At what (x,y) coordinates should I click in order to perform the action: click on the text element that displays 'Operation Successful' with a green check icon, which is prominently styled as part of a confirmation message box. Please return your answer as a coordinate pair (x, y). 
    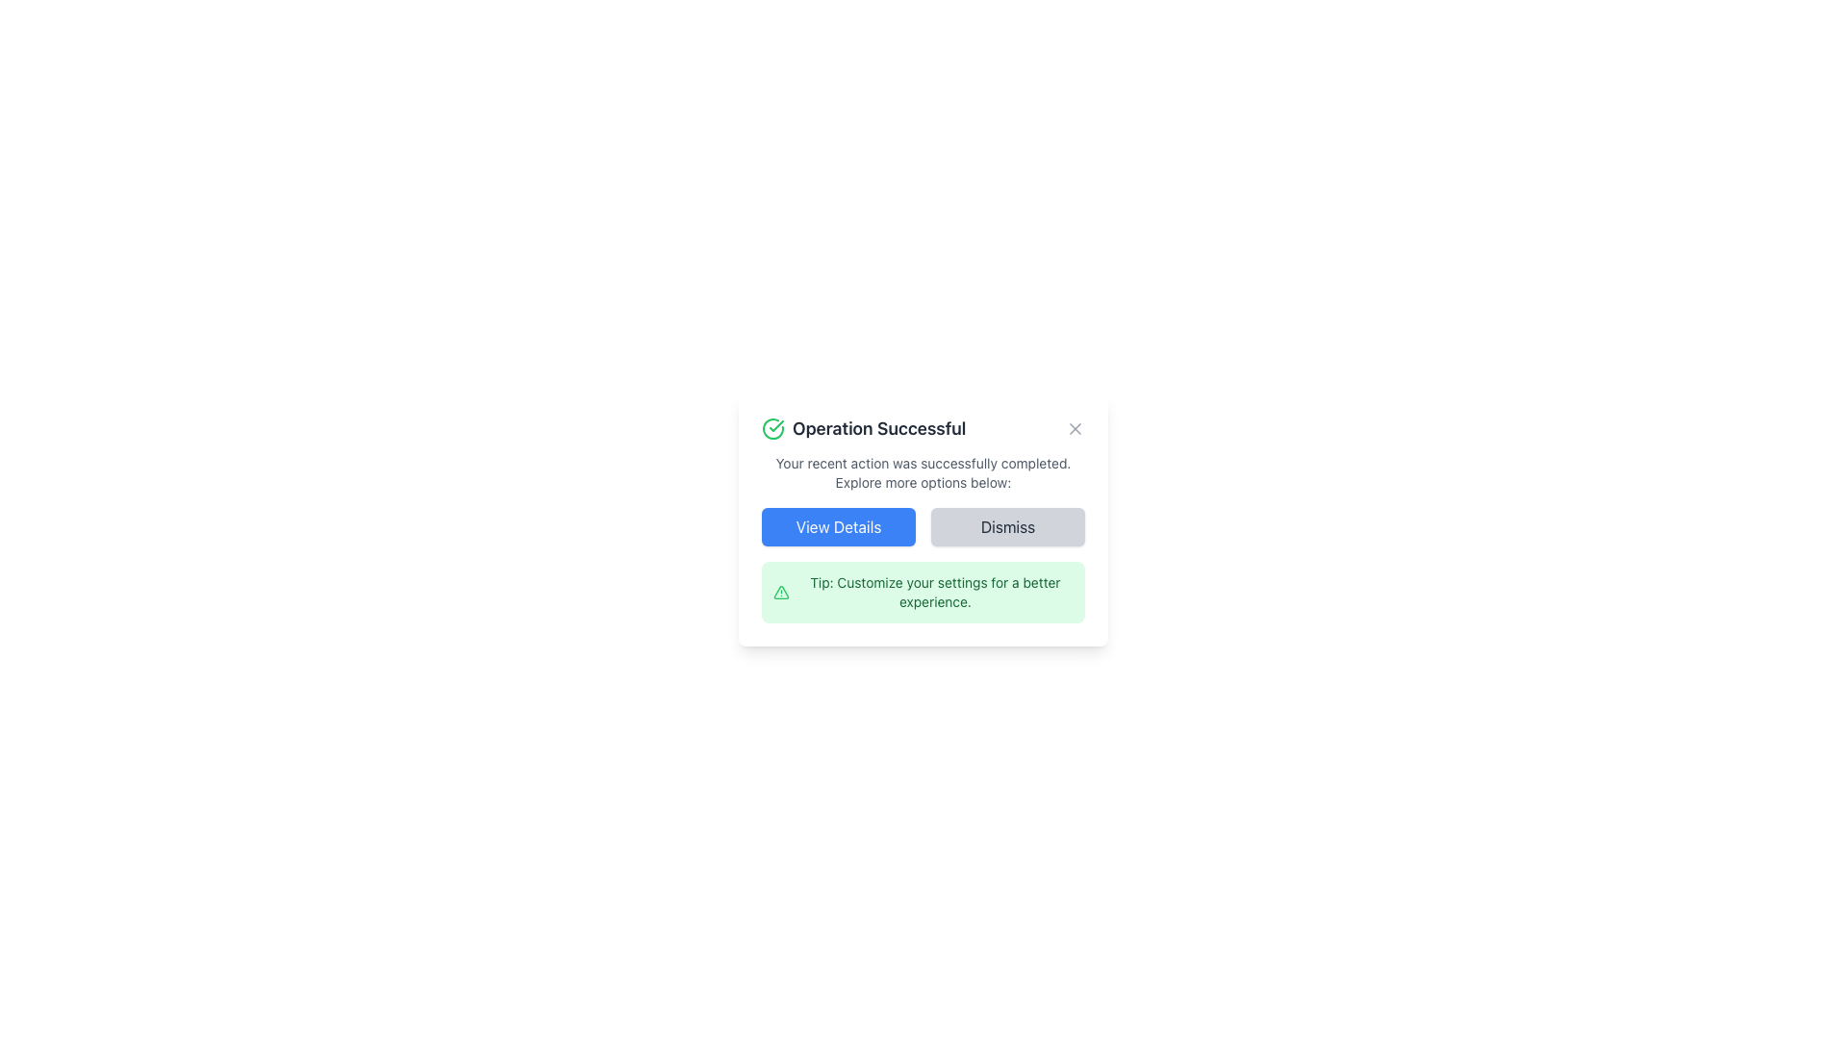
    Looking at the image, I should click on (863, 428).